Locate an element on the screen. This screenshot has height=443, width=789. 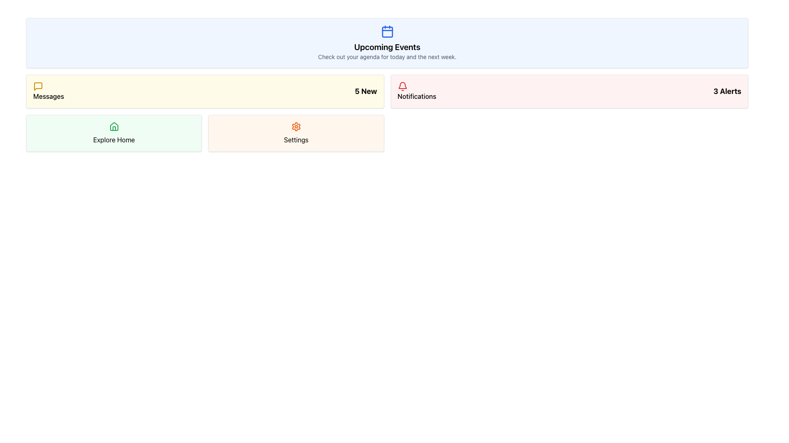
the 'Messages' icon, which is the leftmost component in the yellow-highlighted section at the top-left corner of the interface is located at coordinates (37, 87).